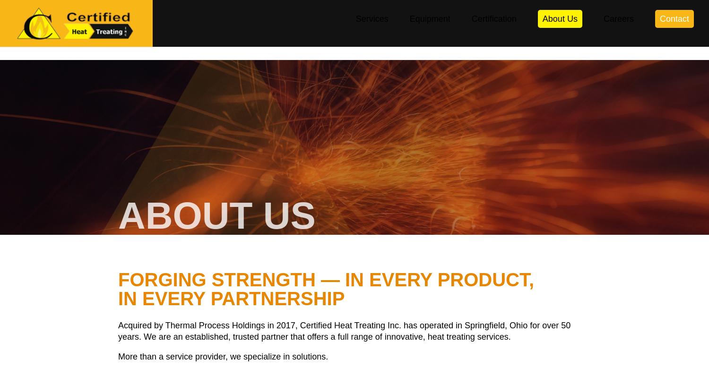 This screenshot has height=377, width=709. I want to click on 'in every partnership', so click(231, 298).